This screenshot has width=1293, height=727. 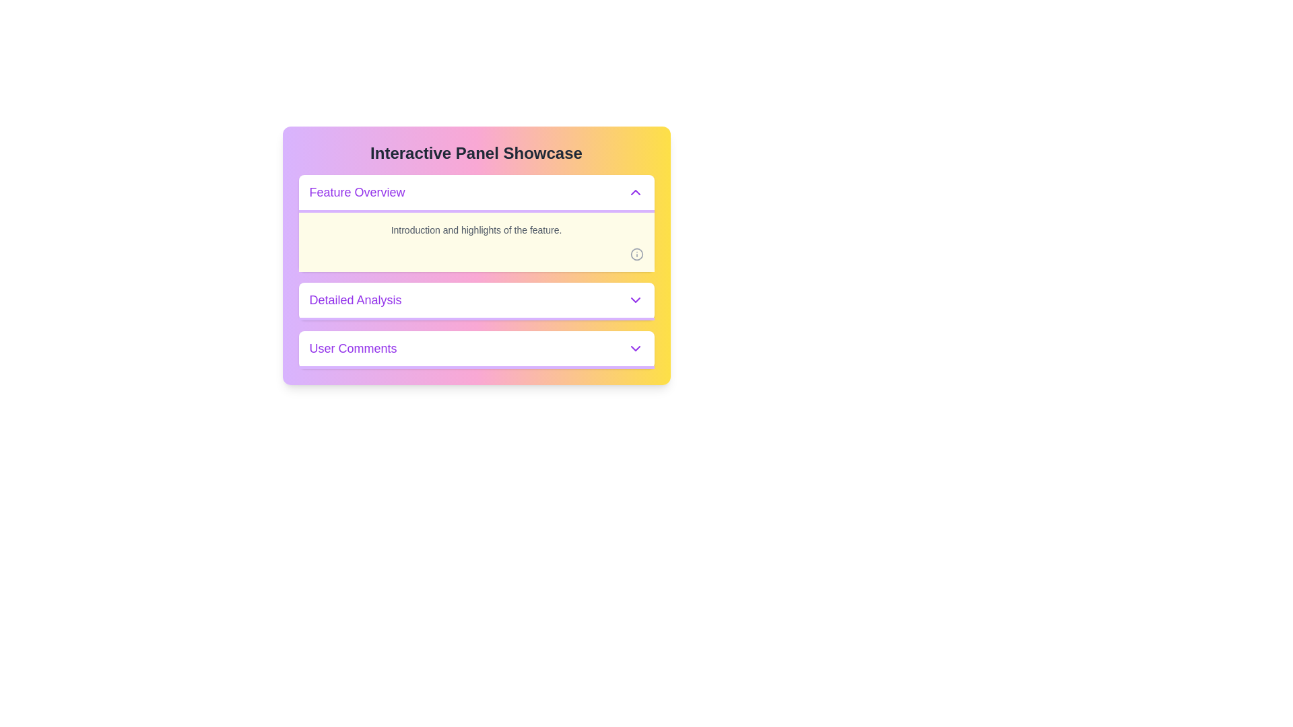 What do you see at coordinates (356, 300) in the screenshot?
I see `the text element 'Detailed Analysis' which is styled with a purple hue and located within a UI card that has a gradient background from yellow to purple` at bounding box center [356, 300].